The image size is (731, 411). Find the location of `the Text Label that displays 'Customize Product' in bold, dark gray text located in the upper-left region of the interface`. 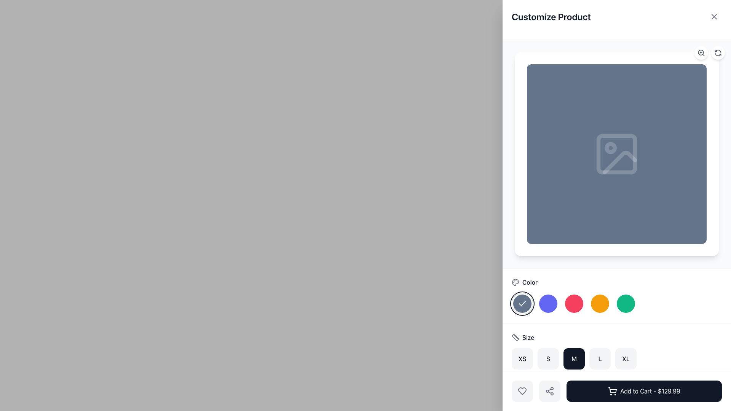

the Text Label that displays 'Customize Product' in bold, dark gray text located in the upper-left region of the interface is located at coordinates (551, 16).